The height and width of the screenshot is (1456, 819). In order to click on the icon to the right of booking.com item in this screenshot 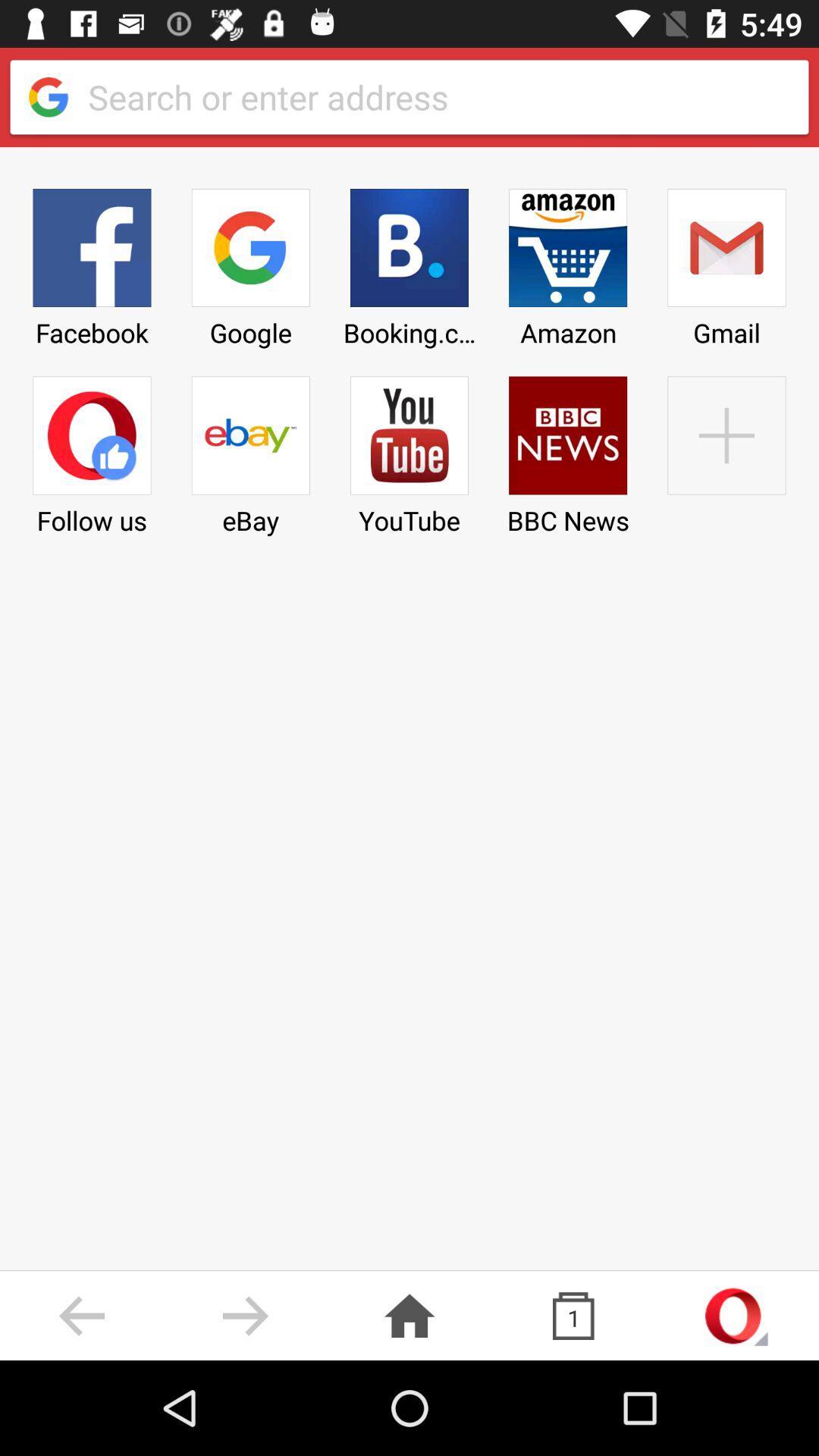, I will do `click(568, 450)`.